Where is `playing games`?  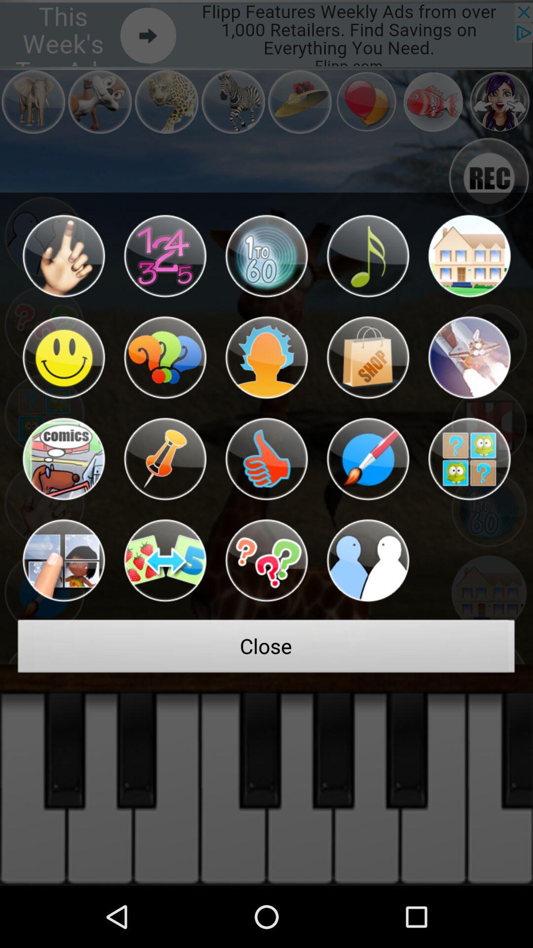 playing games is located at coordinates (164, 560).